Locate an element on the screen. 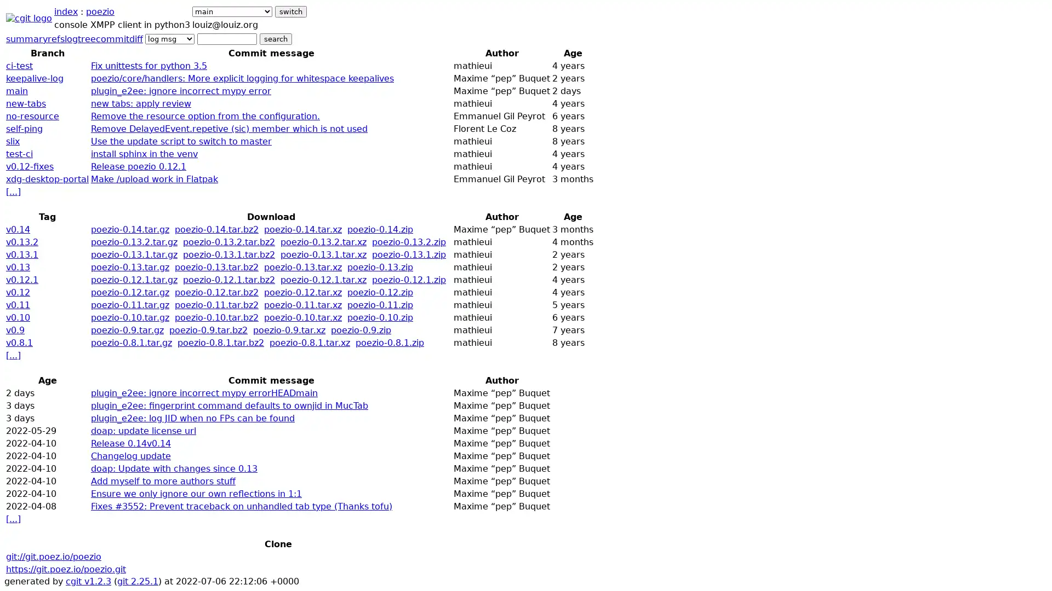 The width and height of the screenshot is (1052, 591). search is located at coordinates (276, 38).